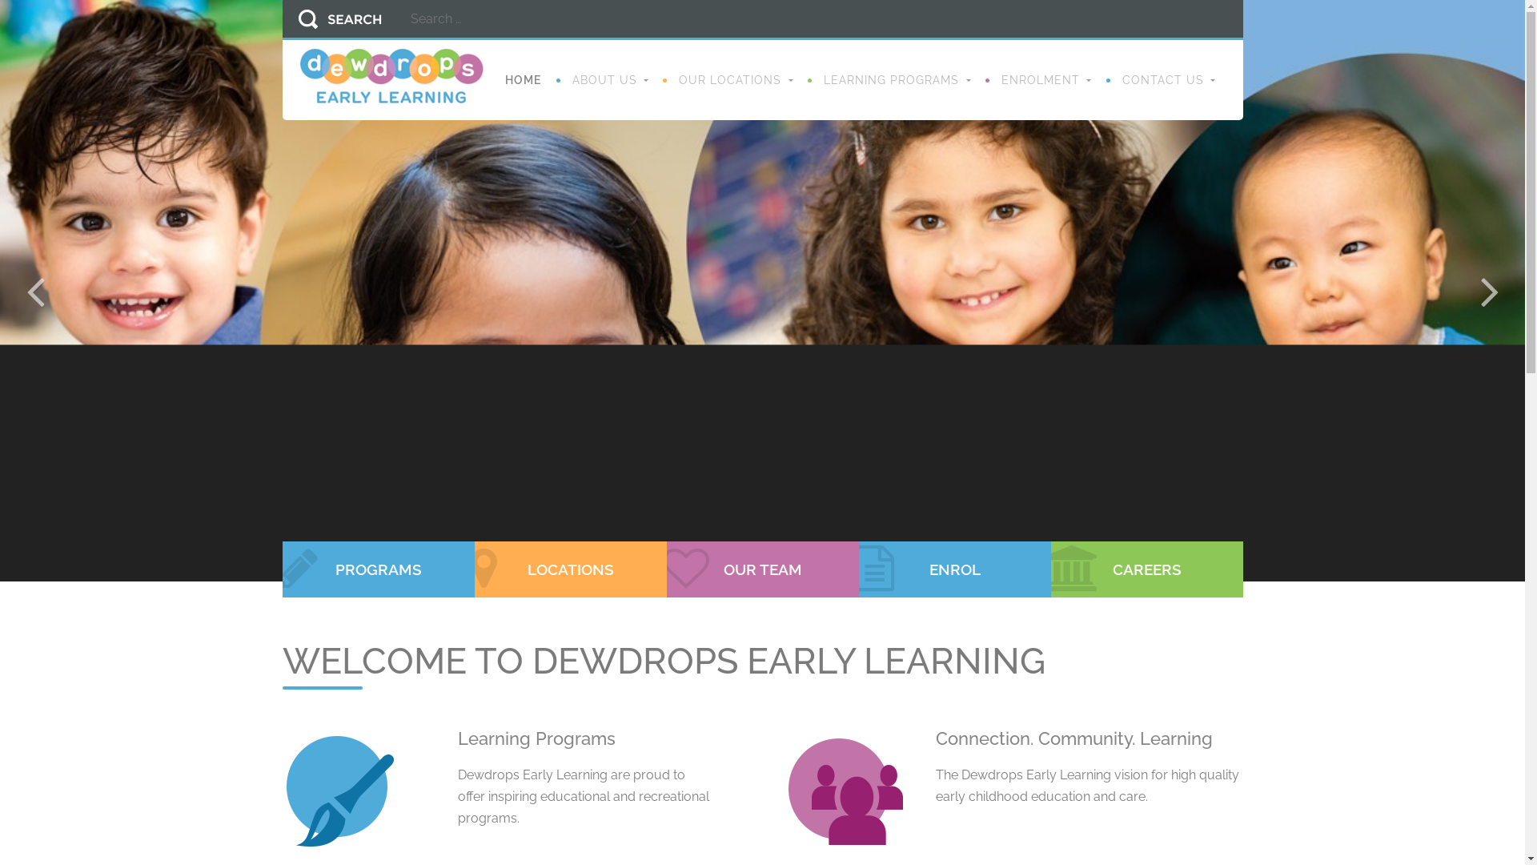 The width and height of the screenshot is (1537, 865). I want to click on 'LOCATIONS', so click(569, 568).